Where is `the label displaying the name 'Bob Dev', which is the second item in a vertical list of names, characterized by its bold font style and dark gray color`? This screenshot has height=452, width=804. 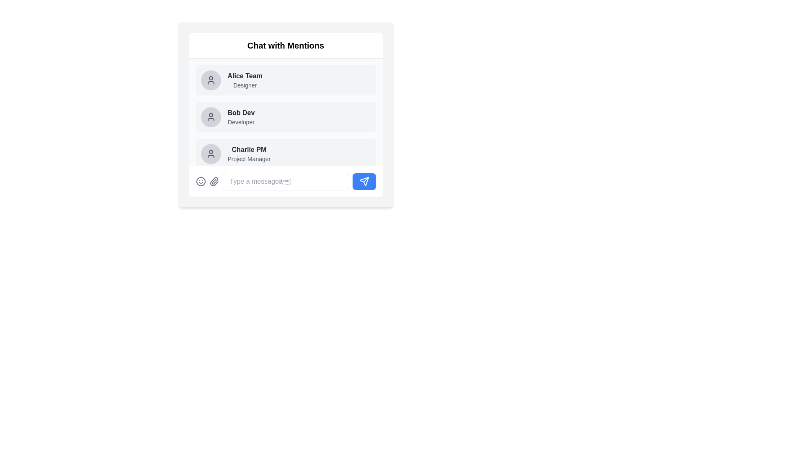
the label displaying the name 'Bob Dev', which is the second item in a vertical list of names, characterized by its bold font style and dark gray color is located at coordinates (241, 113).